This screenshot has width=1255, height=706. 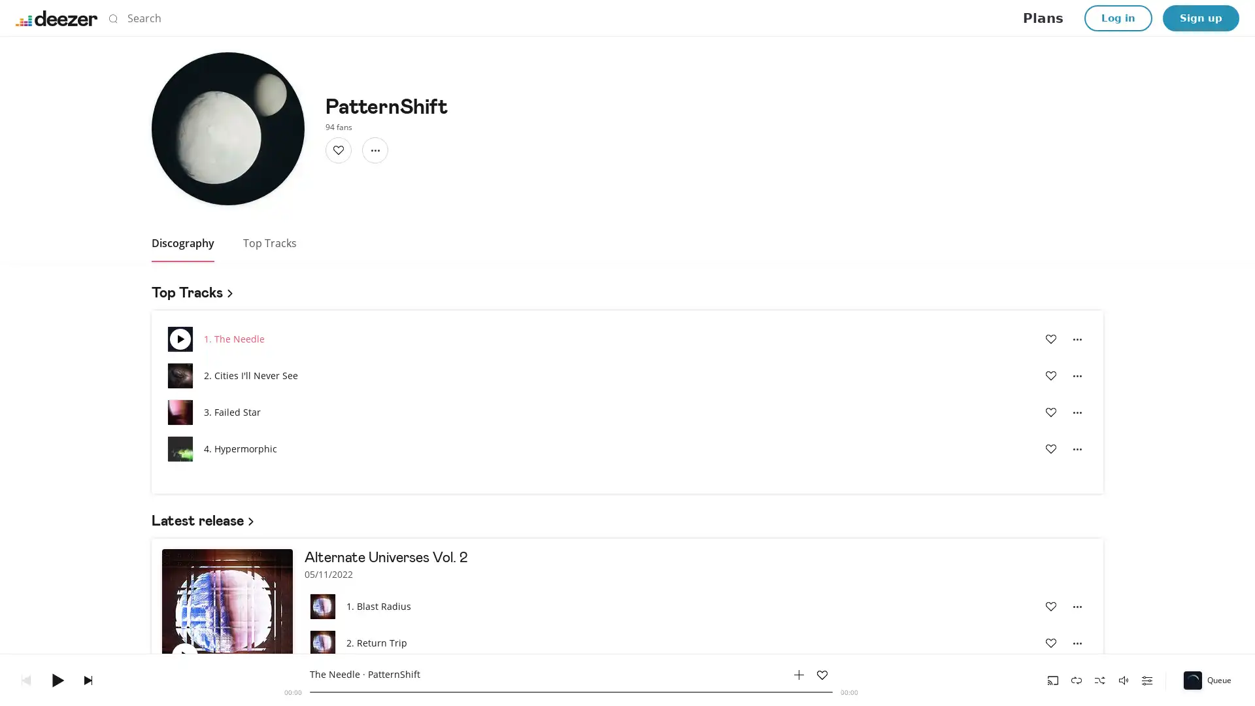 What do you see at coordinates (1051, 339) in the screenshot?
I see `Add to Favorite tracks` at bounding box center [1051, 339].